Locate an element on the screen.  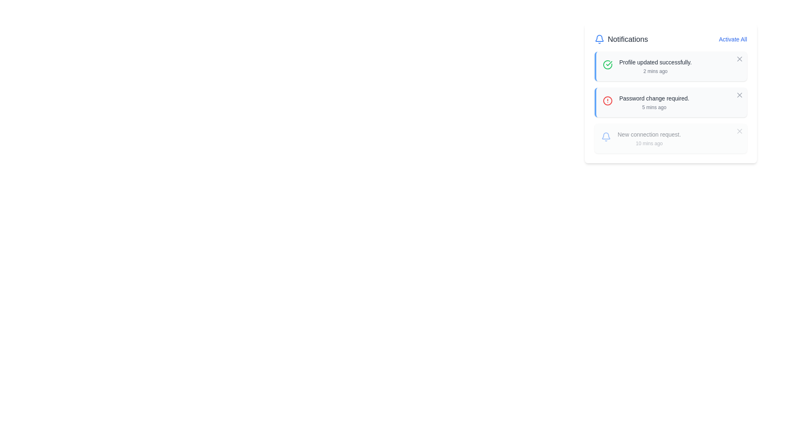
the success icon located to the immediate left of the text 'Profile updated successfully.' within the first notification card in the vertical list of notifications is located at coordinates (607, 67).